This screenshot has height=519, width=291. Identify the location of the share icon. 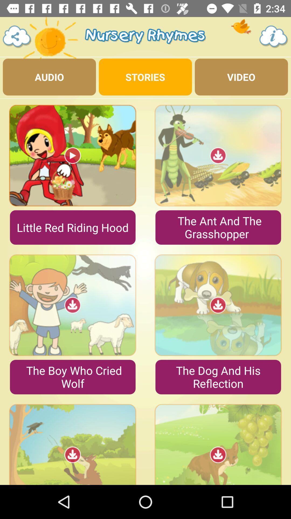
(17, 36).